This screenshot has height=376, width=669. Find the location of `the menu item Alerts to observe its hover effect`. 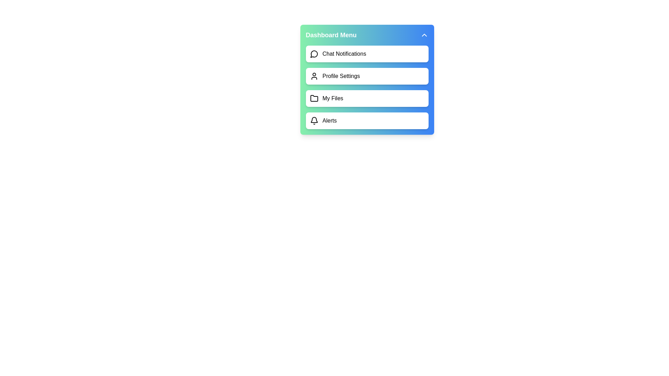

the menu item Alerts to observe its hover effect is located at coordinates (367, 120).